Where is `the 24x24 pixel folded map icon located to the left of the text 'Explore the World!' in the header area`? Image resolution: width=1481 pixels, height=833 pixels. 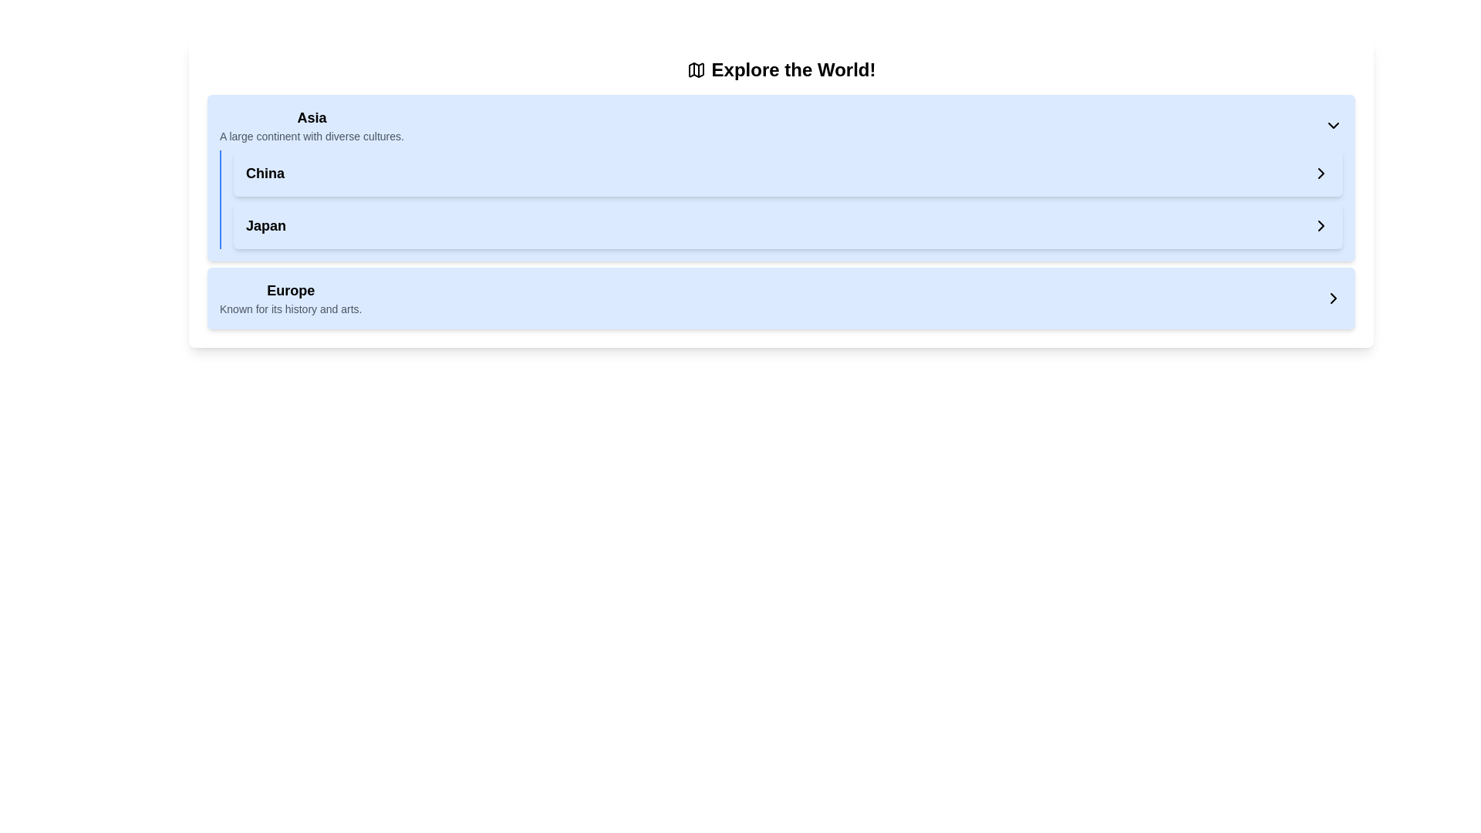
the 24x24 pixel folded map icon located to the left of the text 'Explore the World!' in the header area is located at coordinates (695, 70).